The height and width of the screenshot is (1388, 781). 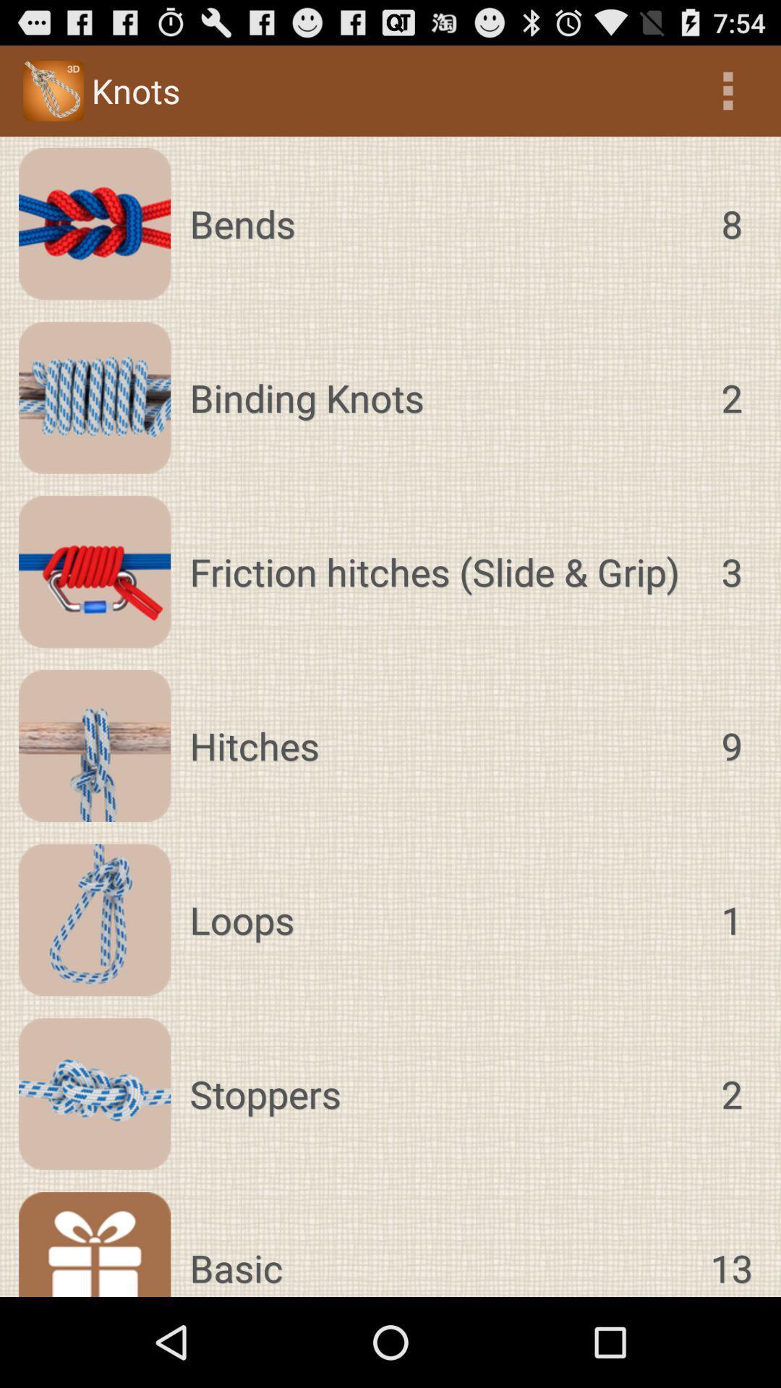 I want to click on the 9 icon, so click(x=731, y=746).